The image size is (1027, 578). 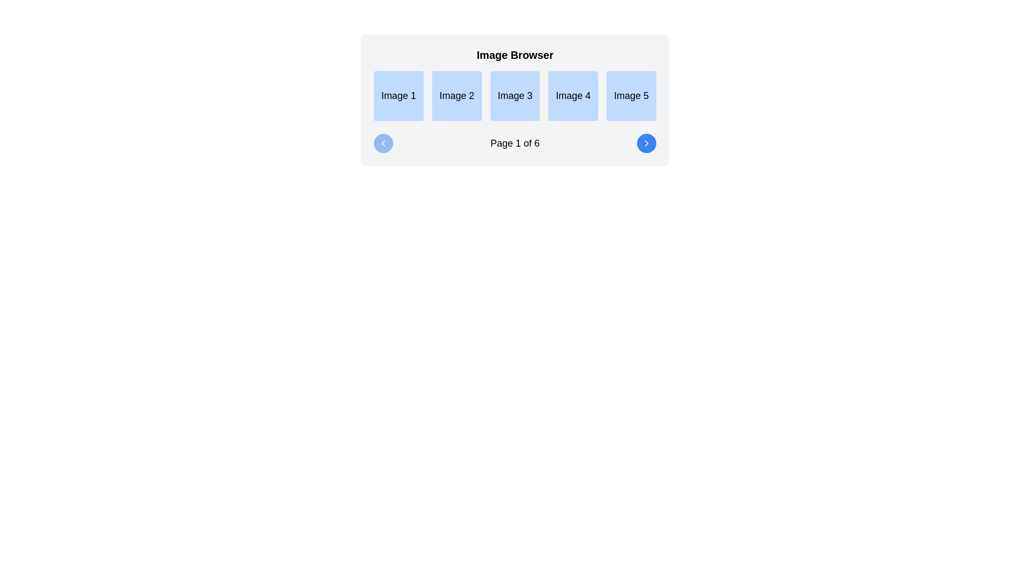 I want to click on the navigation button located on the far right side of the page navigation interface, so click(x=646, y=142).